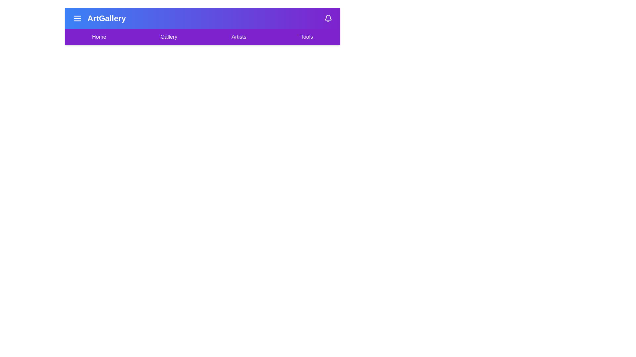  I want to click on the menu item labeled Tools to navigate to the corresponding section, so click(306, 37).